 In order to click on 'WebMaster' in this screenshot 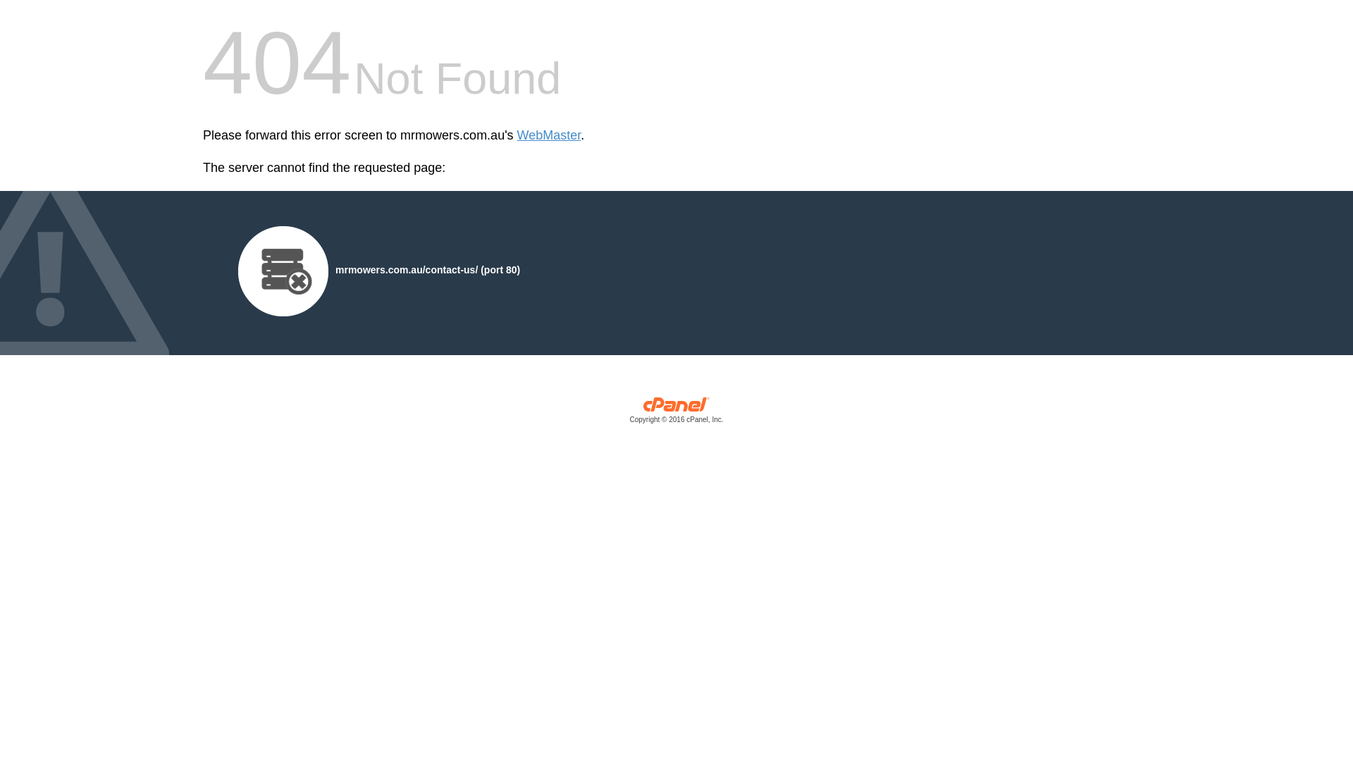, I will do `click(548, 135)`.